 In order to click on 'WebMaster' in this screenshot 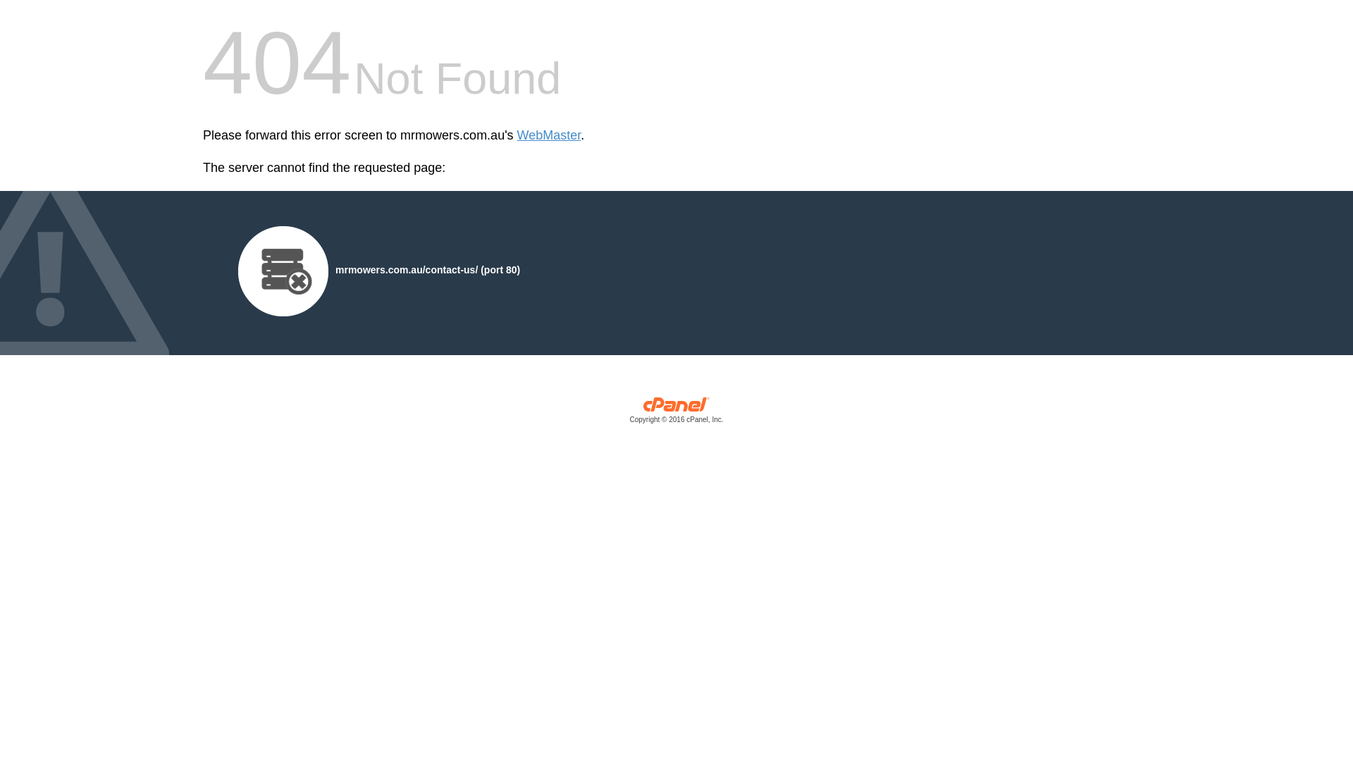, I will do `click(548, 135)`.